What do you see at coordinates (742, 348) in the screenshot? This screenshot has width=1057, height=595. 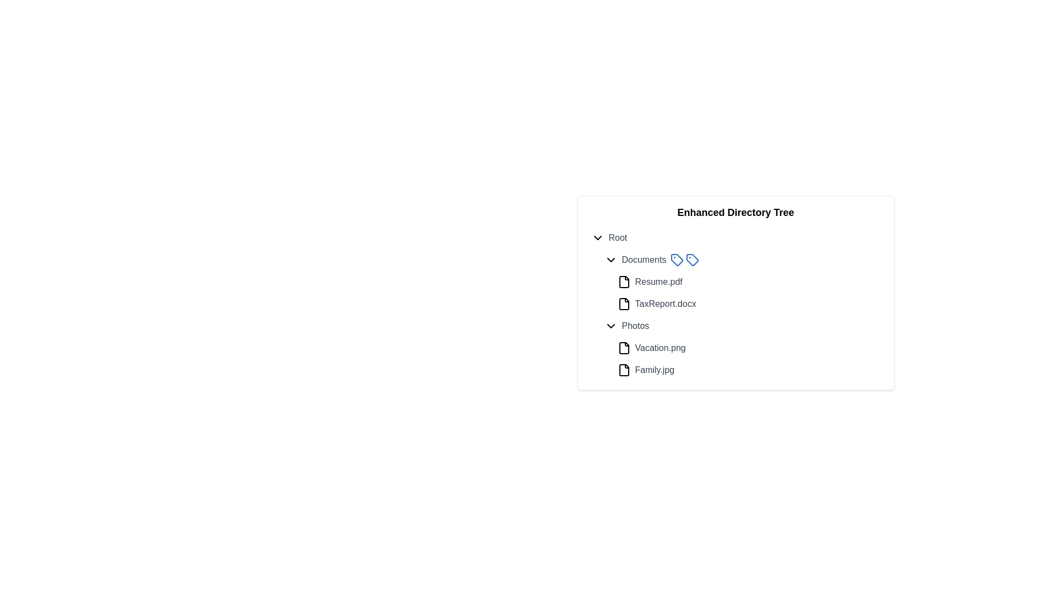 I see `on the file entry labeled 'Vacation.png' in the 'Photos' section` at bounding box center [742, 348].